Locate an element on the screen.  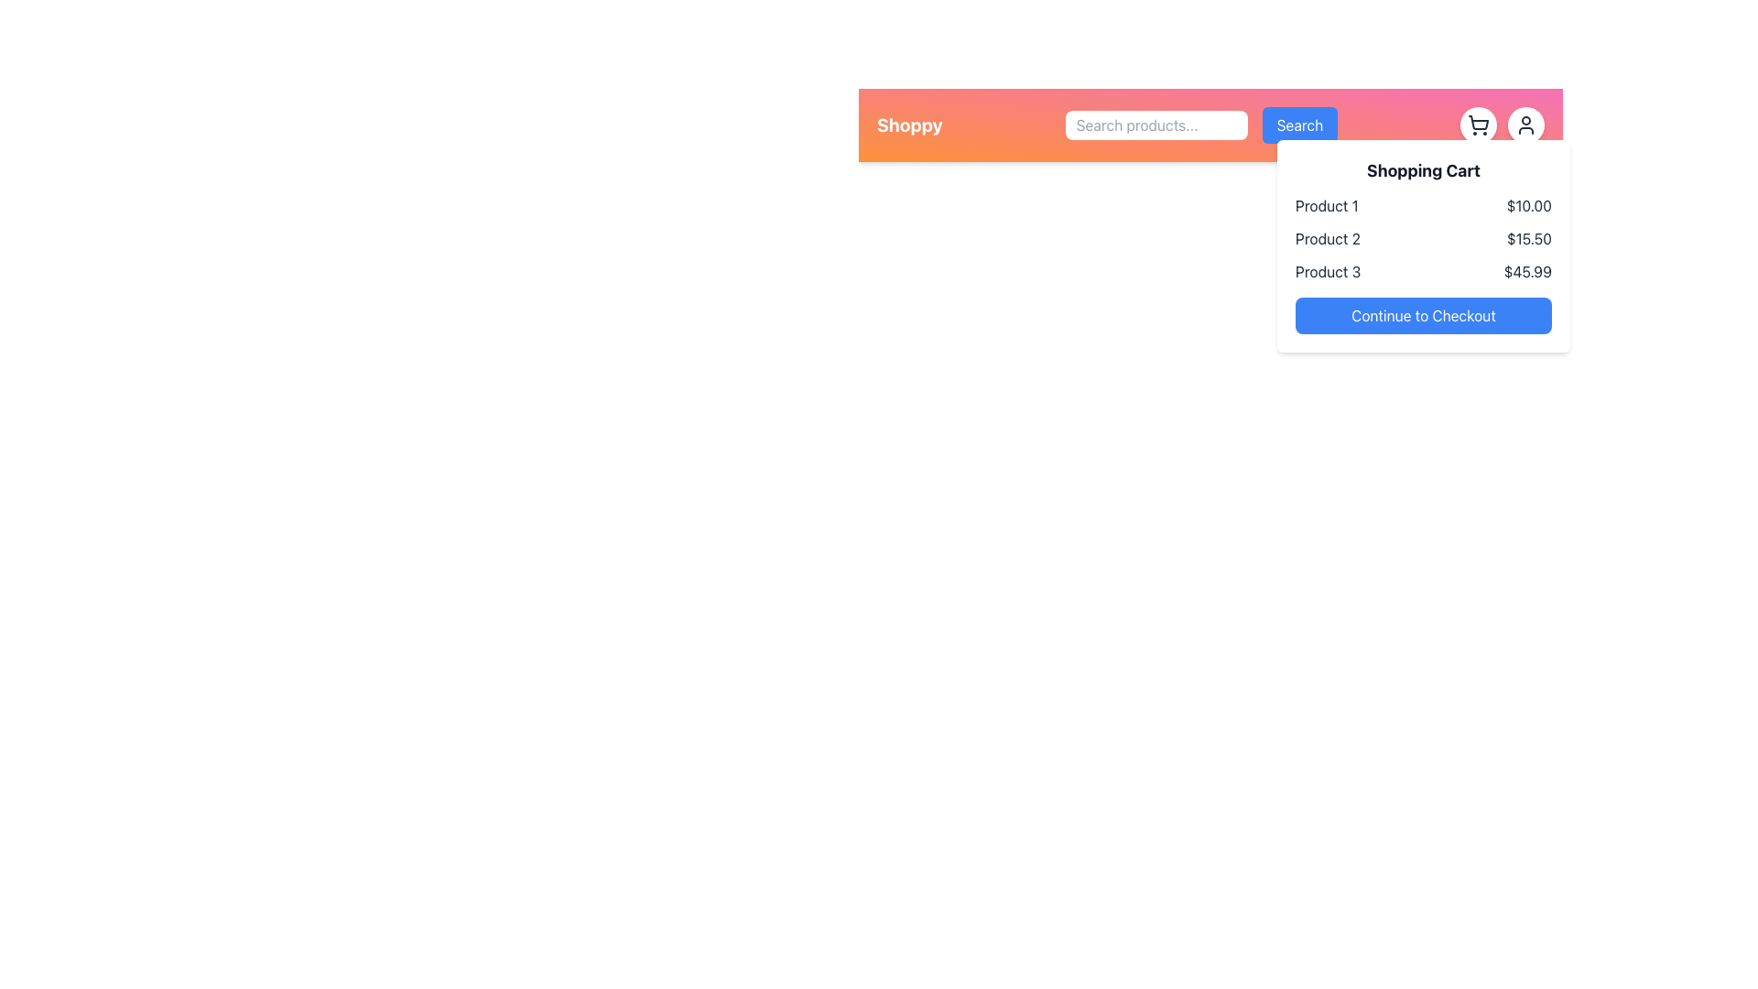
text displayed in the Text Label element that shows the price '$10.00' for 'Product 1', which is positioned in the upper-right section of the shopping cart dropdown menu is located at coordinates (1529, 205).